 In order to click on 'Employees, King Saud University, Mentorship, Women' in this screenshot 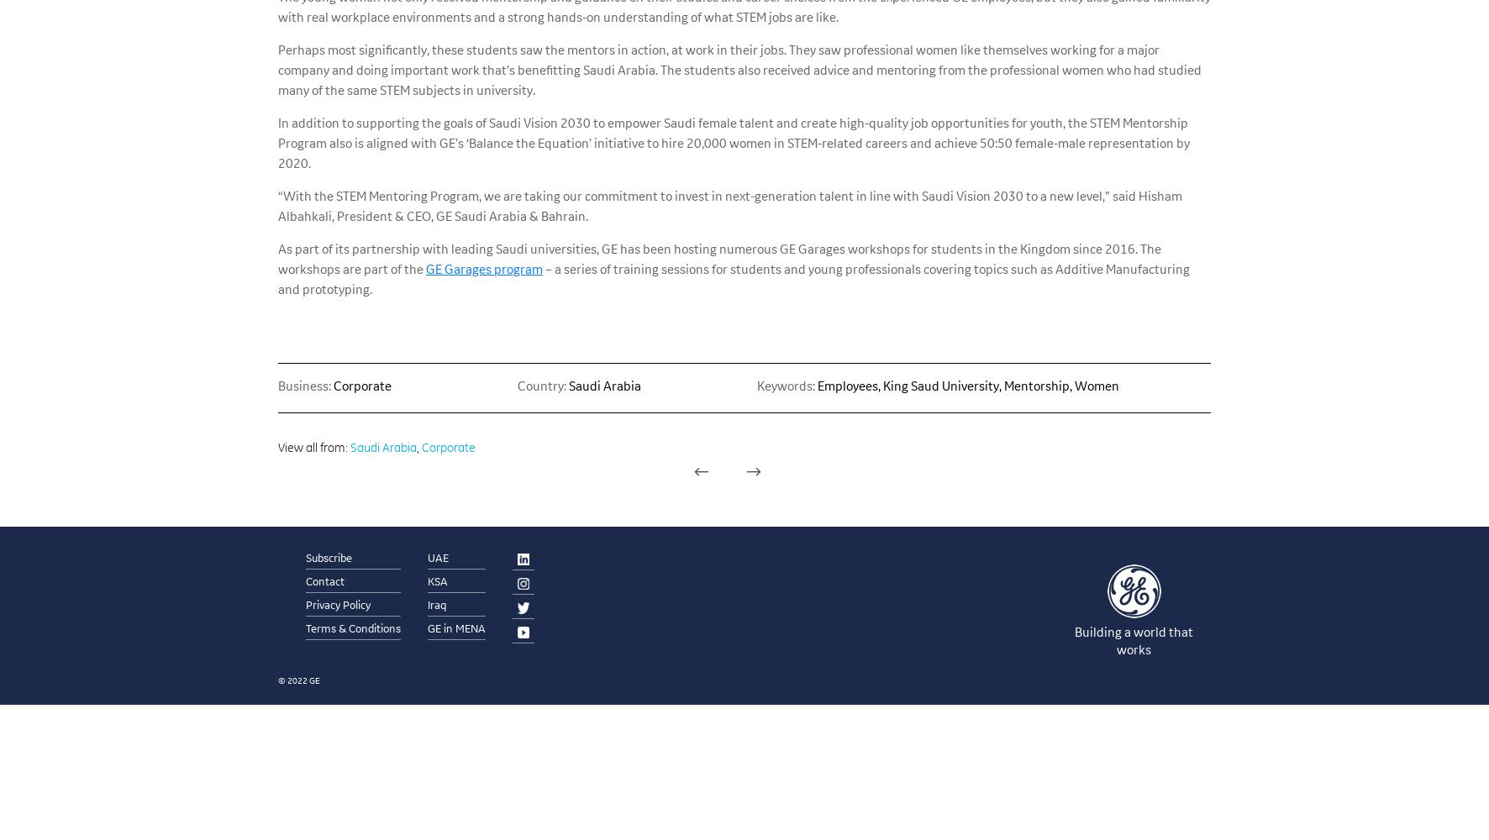, I will do `click(967, 384)`.